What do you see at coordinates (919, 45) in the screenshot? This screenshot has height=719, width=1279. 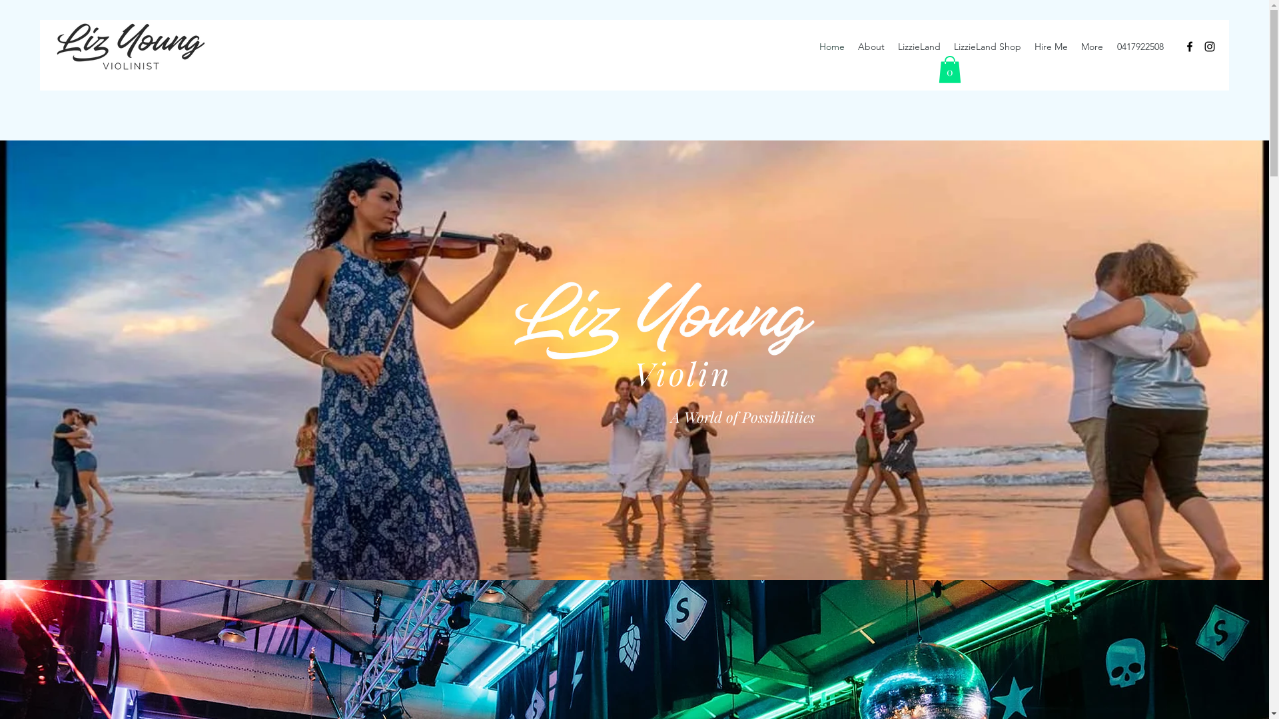 I see `'LizzieLand'` at bounding box center [919, 45].